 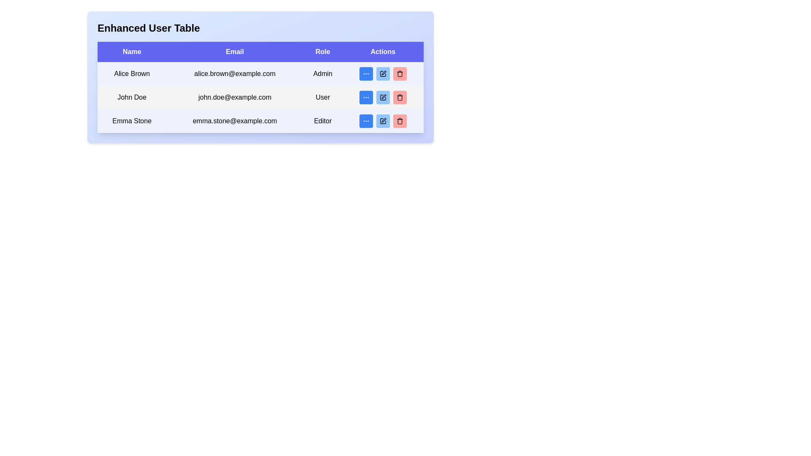 What do you see at coordinates (399, 73) in the screenshot?
I see `the delete icon located in the 'Actions' column of the second row in the user table` at bounding box center [399, 73].